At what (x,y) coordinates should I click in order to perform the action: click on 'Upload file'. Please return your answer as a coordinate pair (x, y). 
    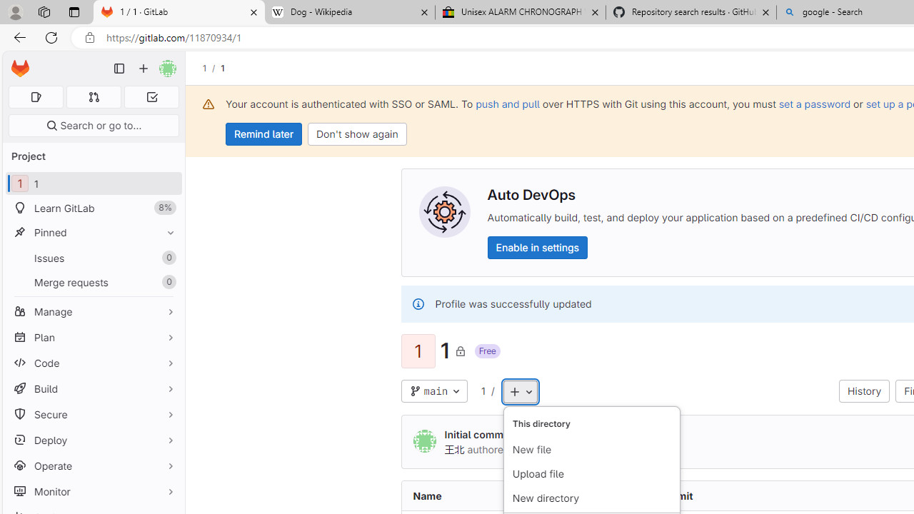
    Looking at the image, I should click on (591, 474).